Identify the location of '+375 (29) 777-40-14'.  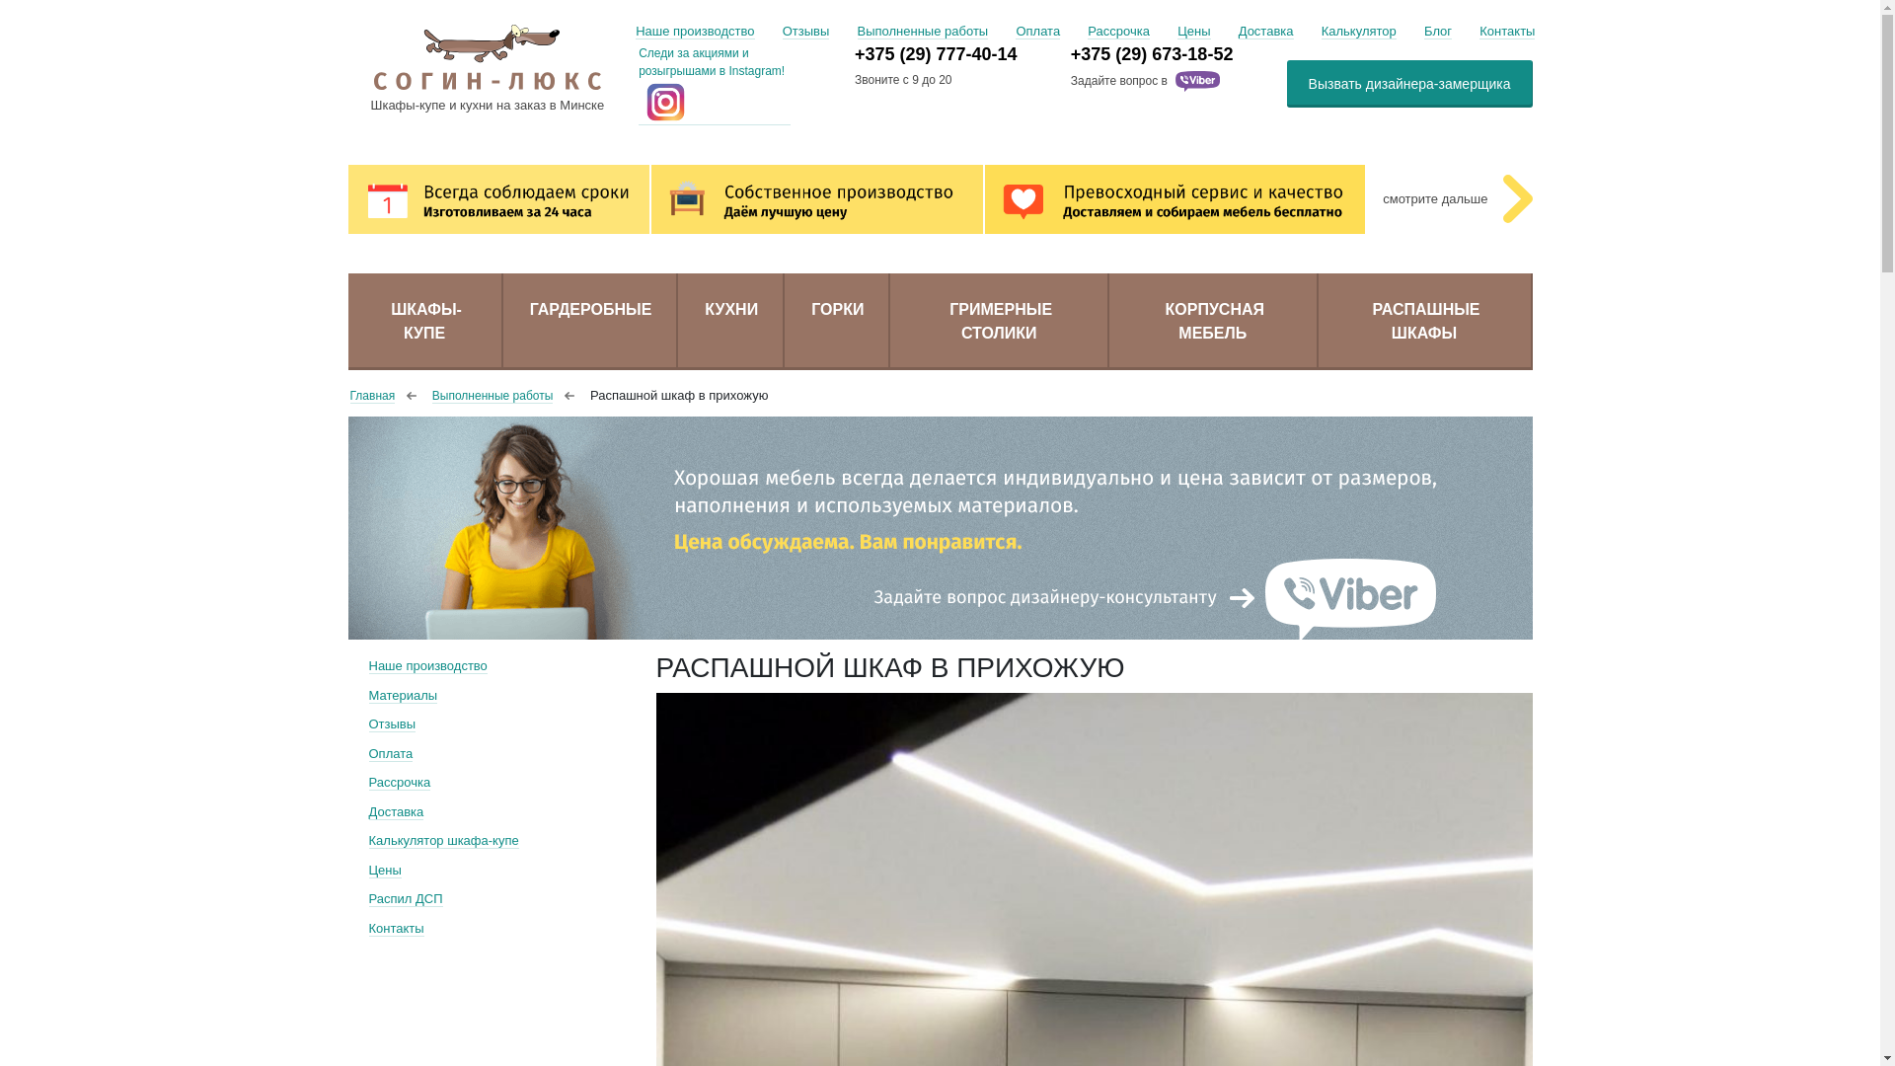
(962, 53).